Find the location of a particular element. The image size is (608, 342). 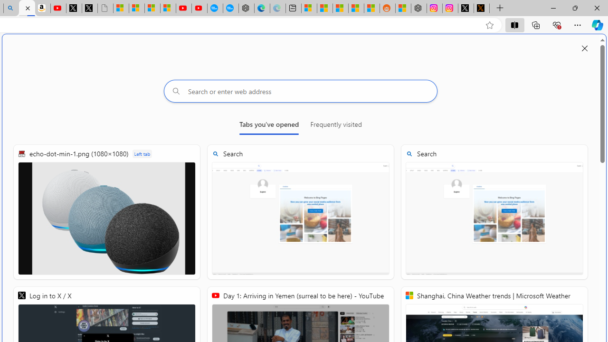

'Collections' is located at coordinates (536, 24).